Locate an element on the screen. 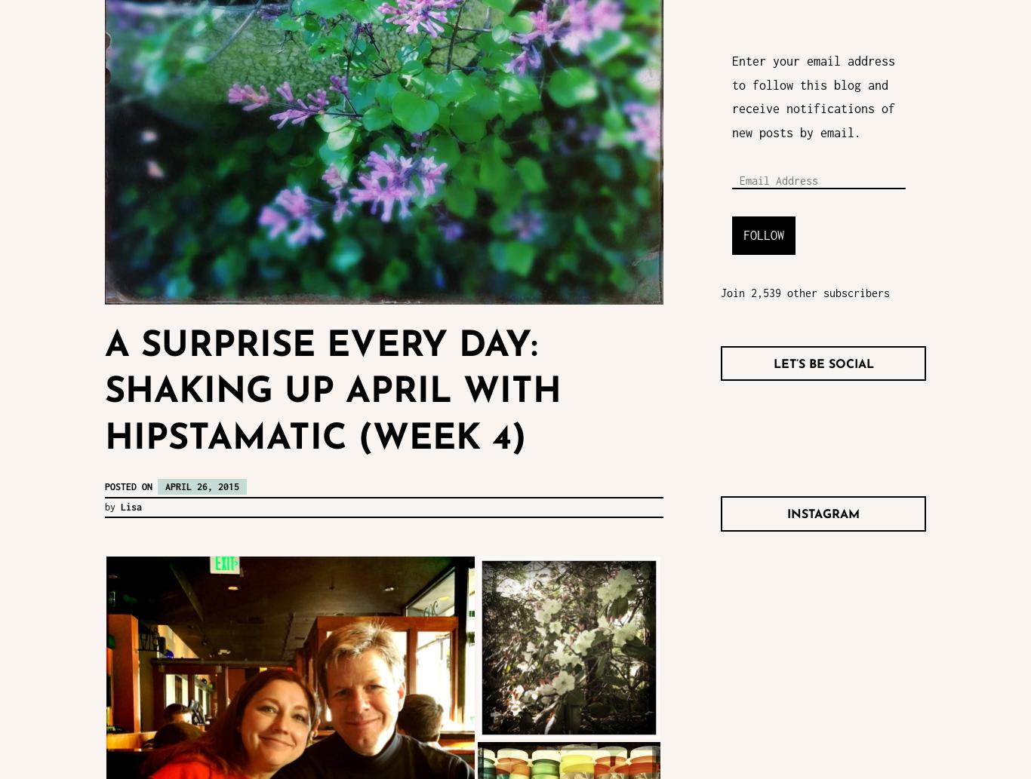  'Let’s Be Social' is located at coordinates (772, 364).